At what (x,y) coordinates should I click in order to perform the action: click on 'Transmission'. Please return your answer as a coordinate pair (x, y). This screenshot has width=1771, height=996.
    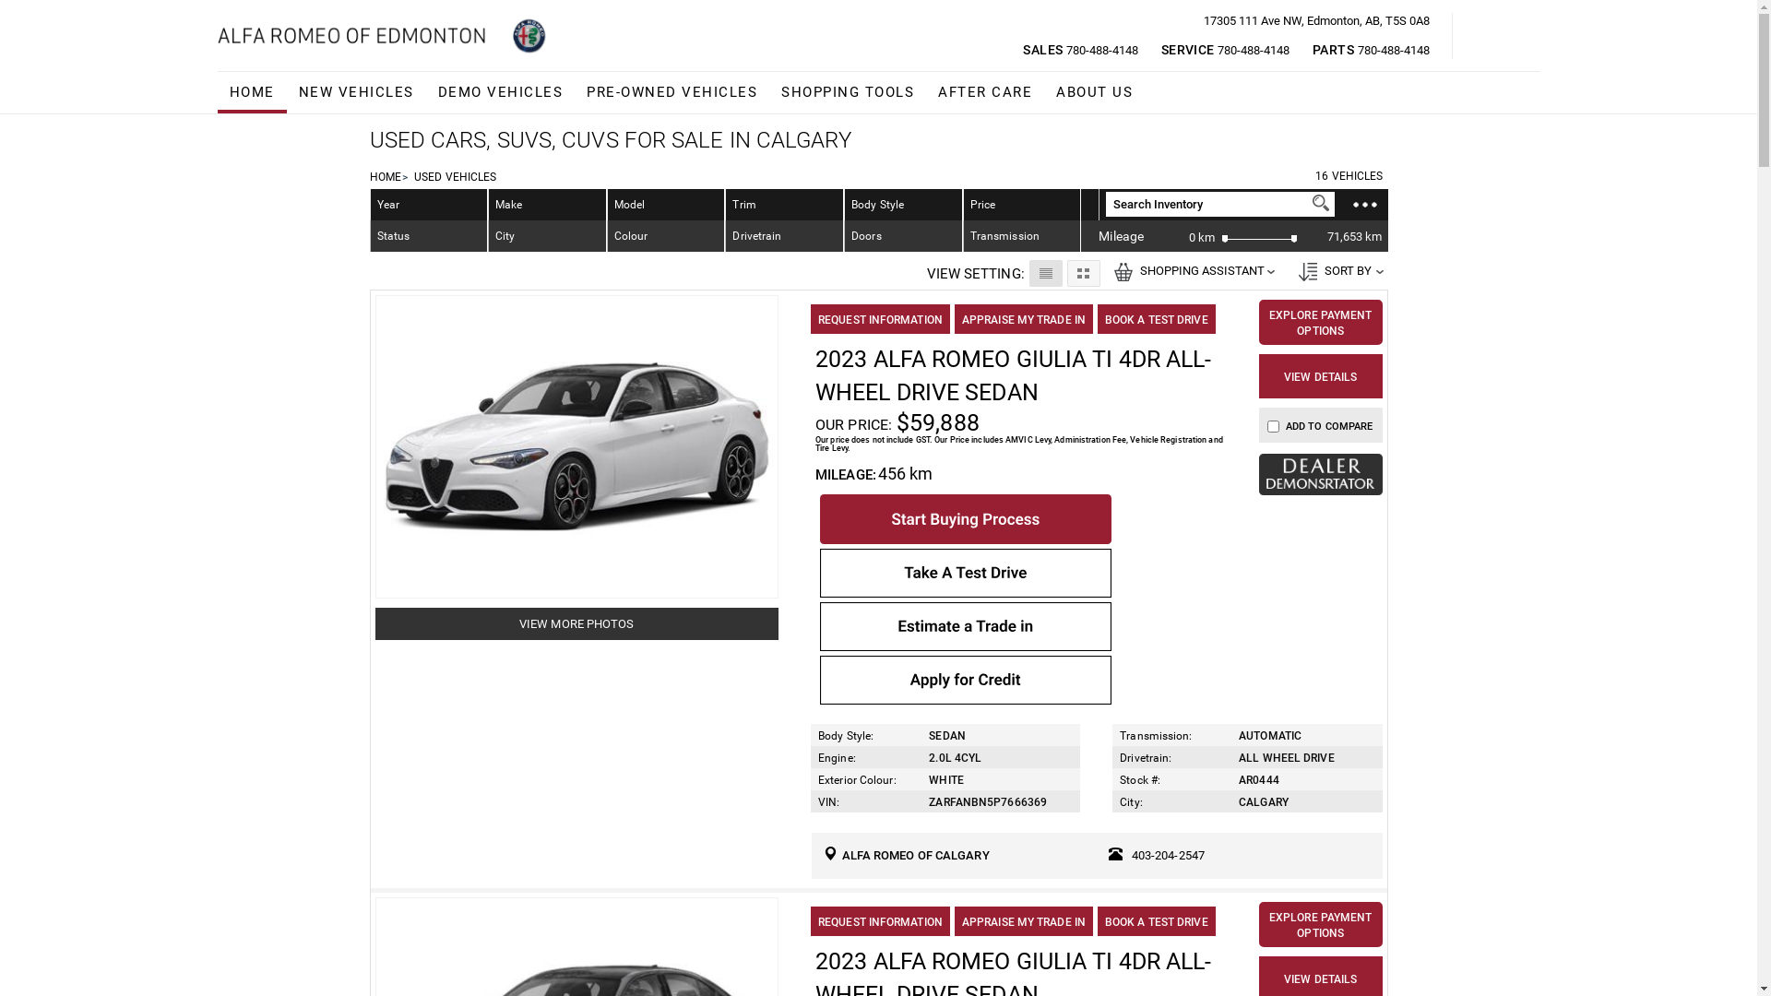
    Looking at the image, I should click on (1021, 234).